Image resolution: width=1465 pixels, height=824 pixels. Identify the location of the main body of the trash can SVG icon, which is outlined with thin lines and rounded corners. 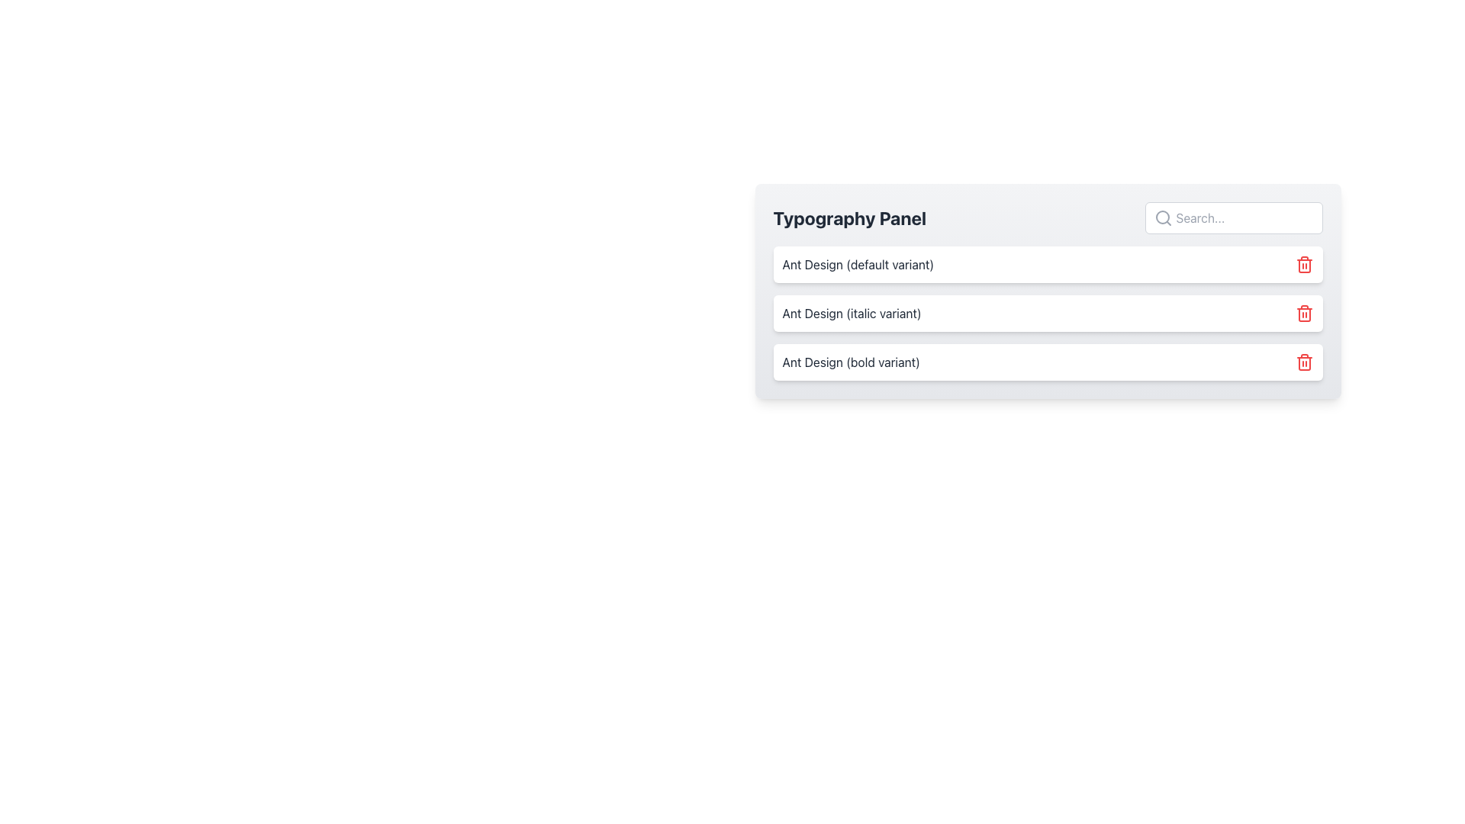
(1303, 314).